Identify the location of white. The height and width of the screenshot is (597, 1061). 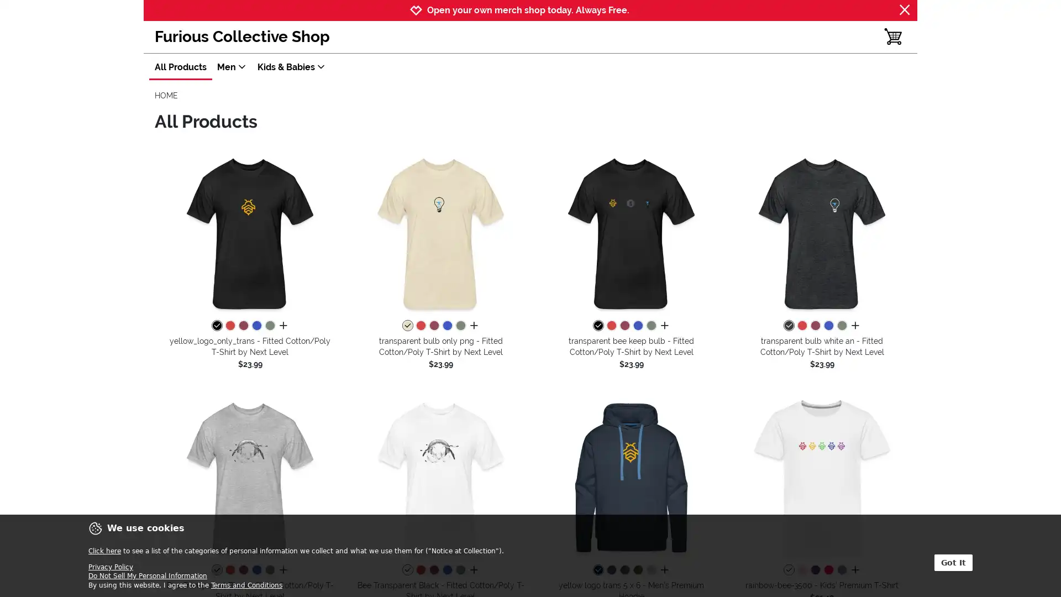
(407, 570).